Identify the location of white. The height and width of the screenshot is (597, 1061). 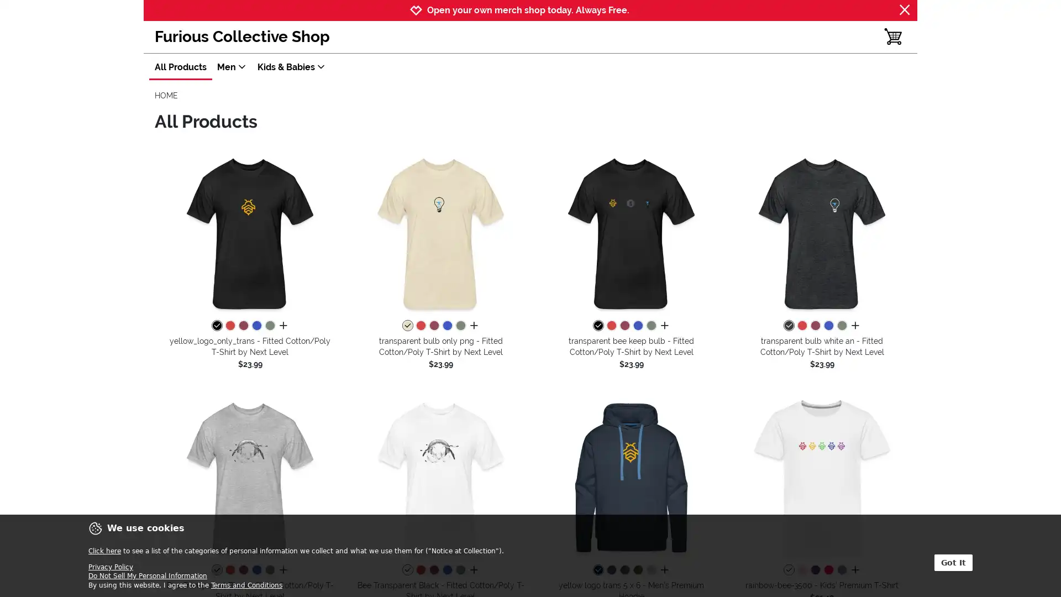
(407, 570).